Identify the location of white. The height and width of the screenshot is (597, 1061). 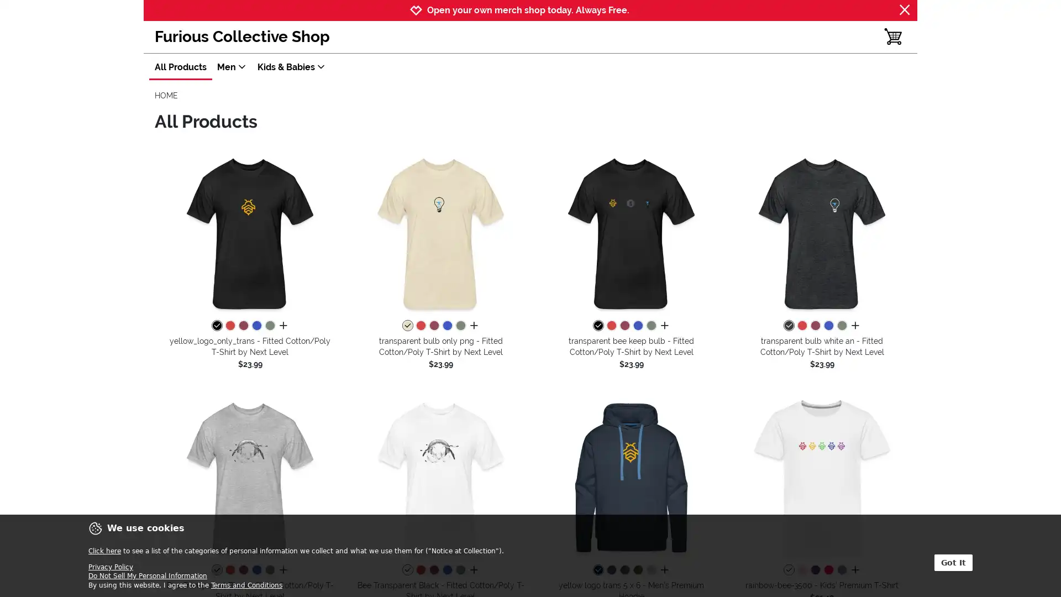
(407, 570).